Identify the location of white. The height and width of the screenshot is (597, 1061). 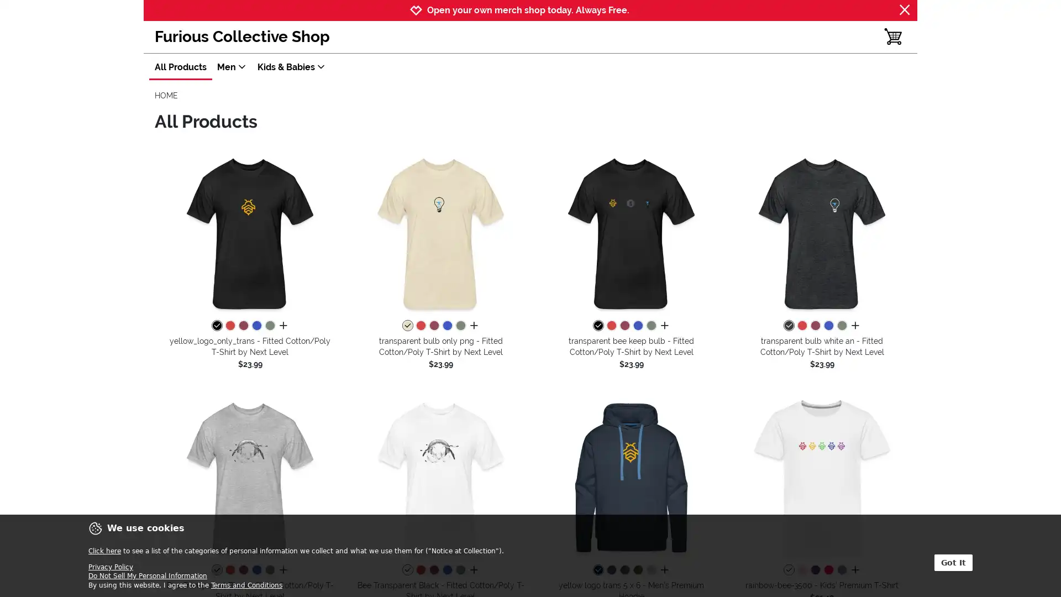
(407, 570).